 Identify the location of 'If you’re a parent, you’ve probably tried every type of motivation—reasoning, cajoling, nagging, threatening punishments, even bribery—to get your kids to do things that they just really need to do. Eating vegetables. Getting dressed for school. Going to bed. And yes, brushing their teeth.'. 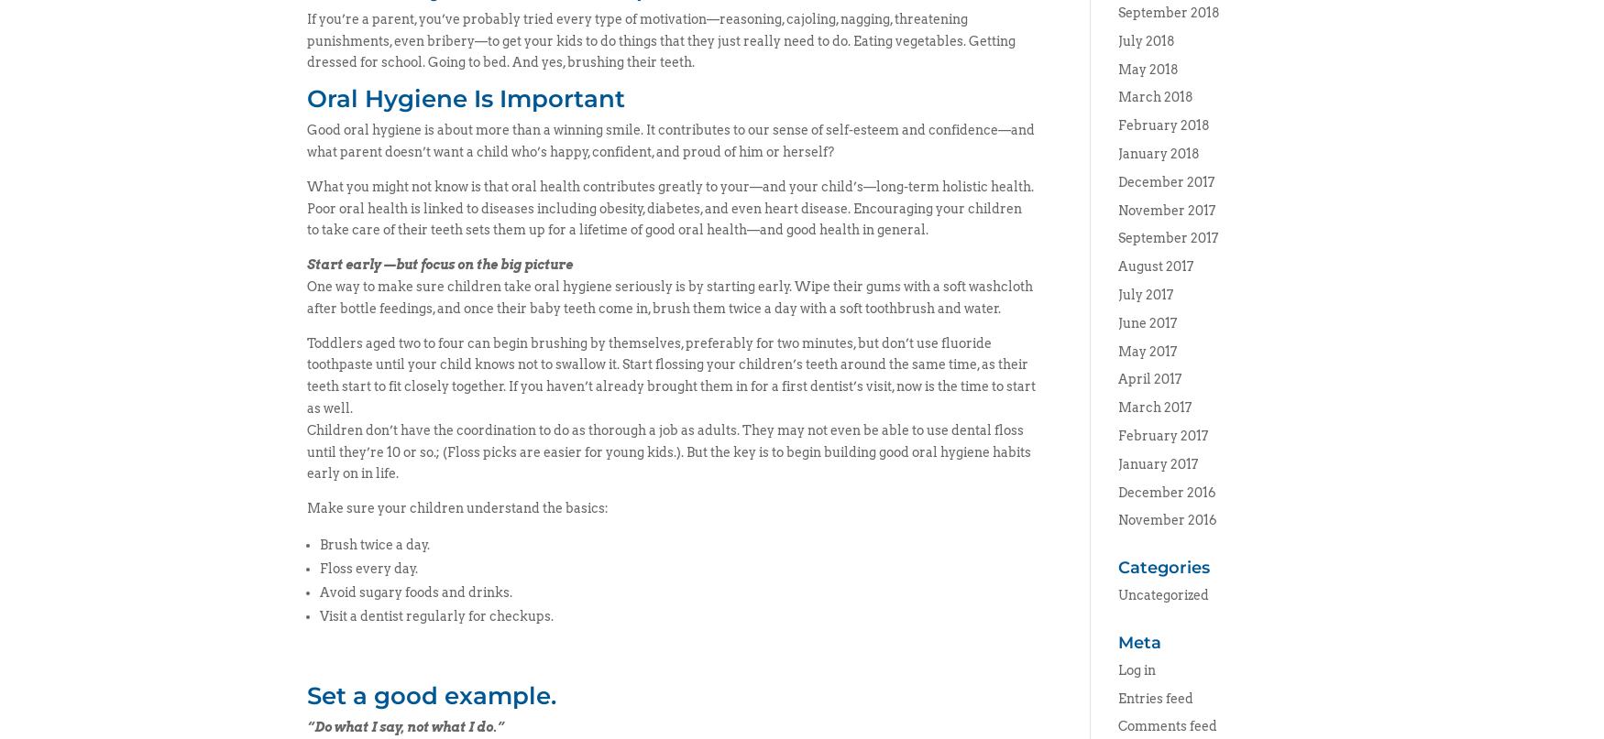
(661, 39).